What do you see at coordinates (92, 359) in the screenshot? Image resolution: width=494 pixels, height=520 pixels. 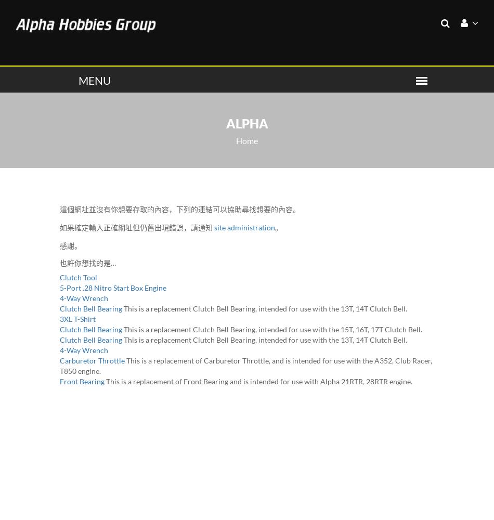 I see `'Carburetor Throttle'` at bounding box center [92, 359].